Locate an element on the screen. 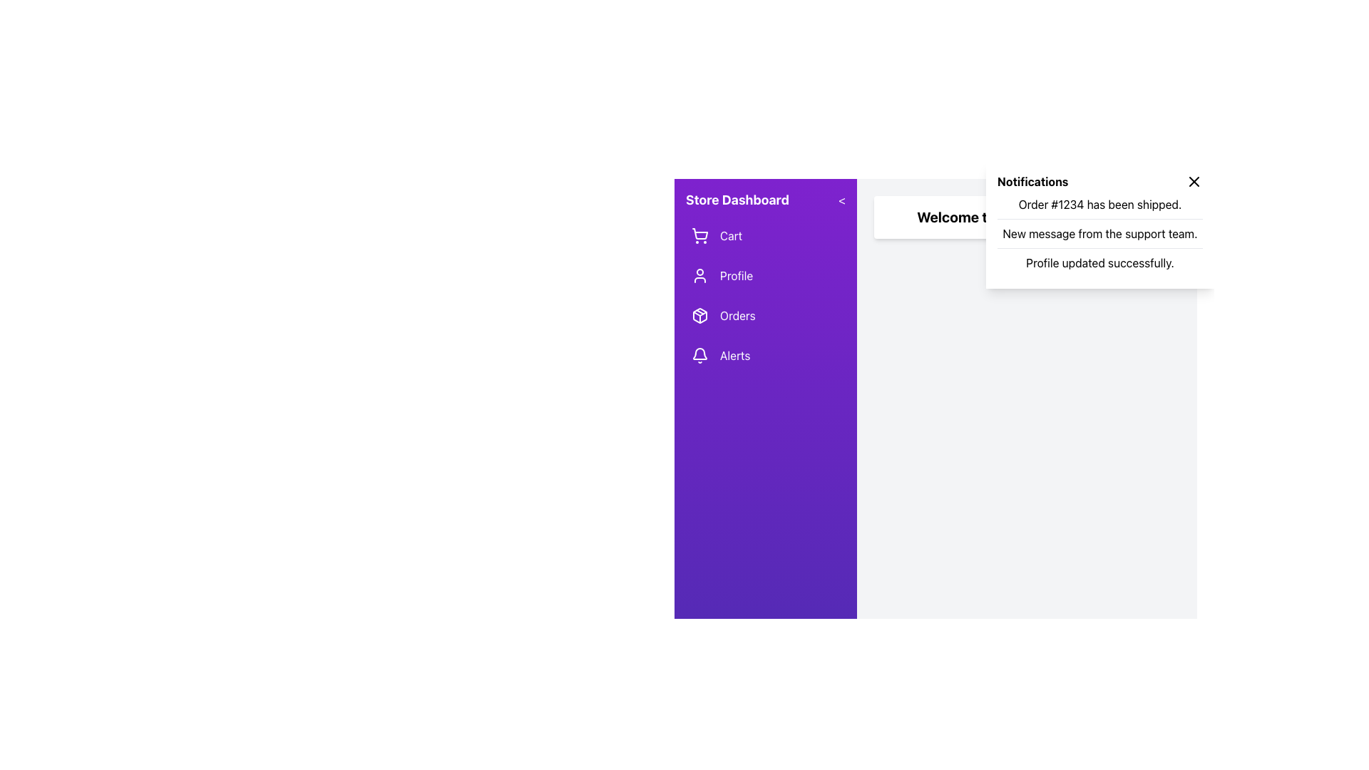  the 'Alerts' Navigation link with a bell icon for keyboard navigation is located at coordinates (765, 354).